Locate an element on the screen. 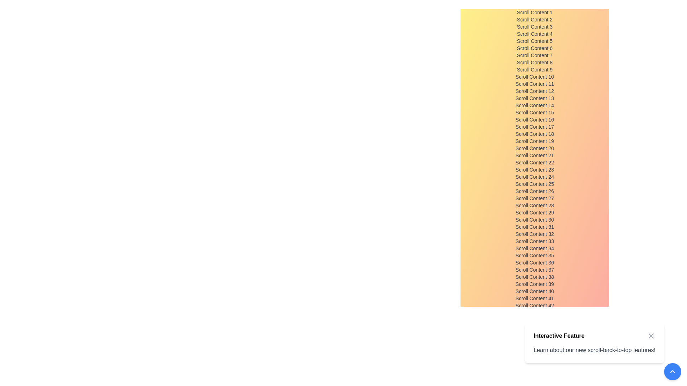  the 31st Text Label in the vertically stacked scrollable list located towards the lower middle section is located at coordinates (535, 227).